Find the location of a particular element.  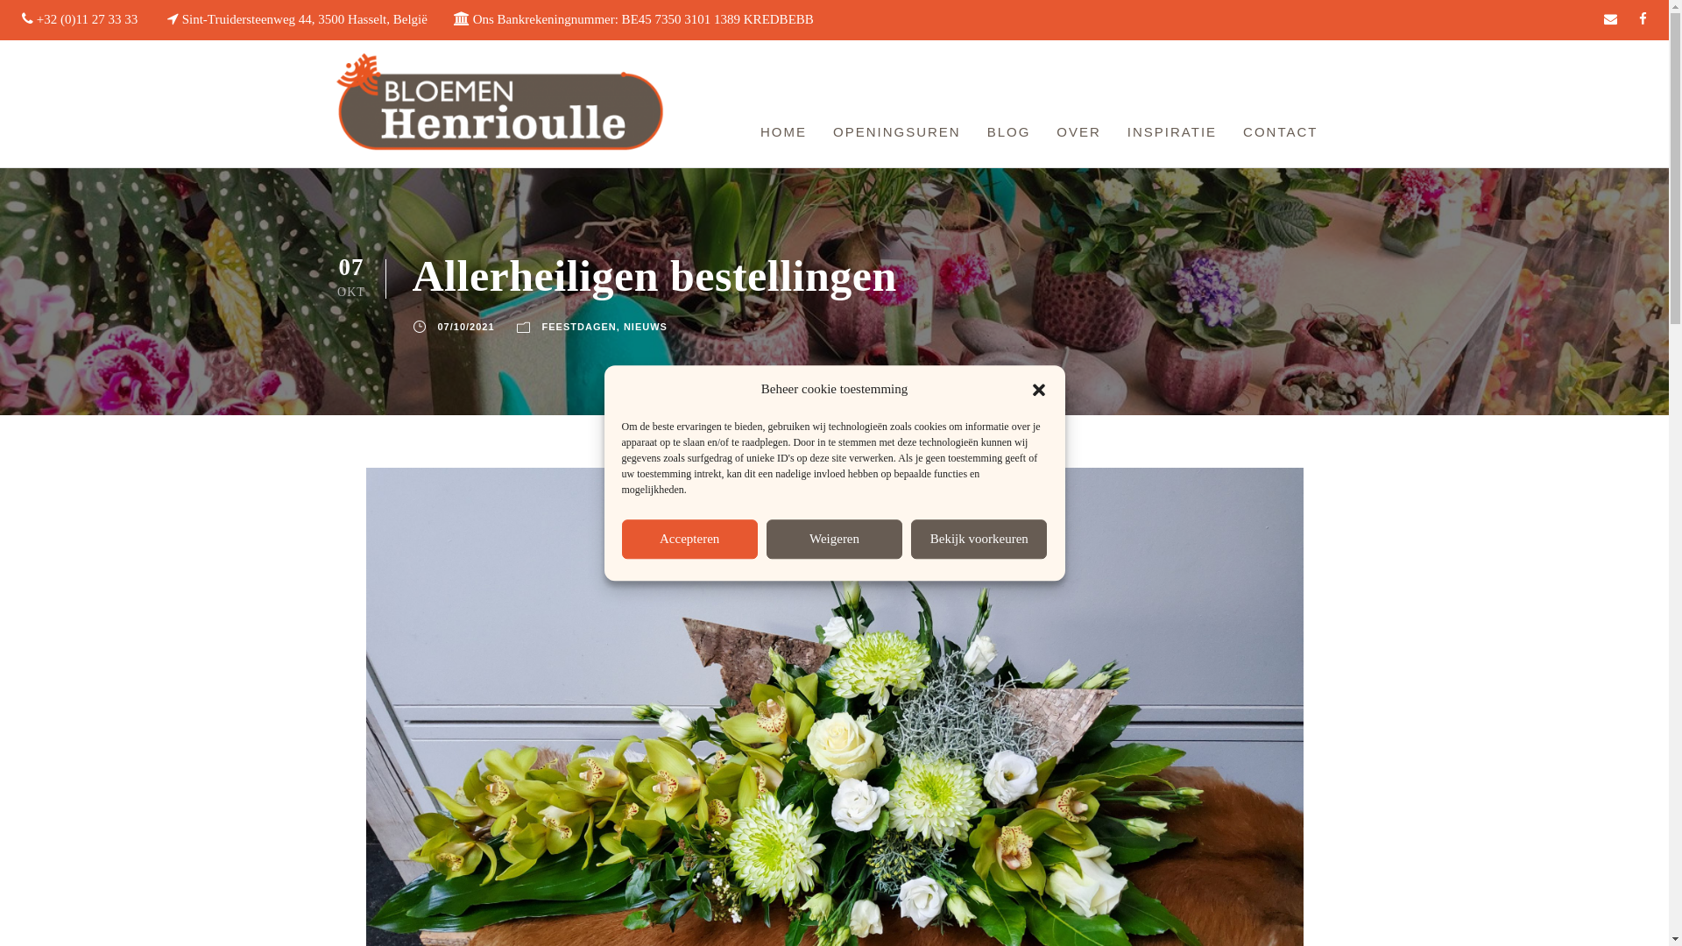

'OPENINGSUREN' is located at coordinates (896, 134).